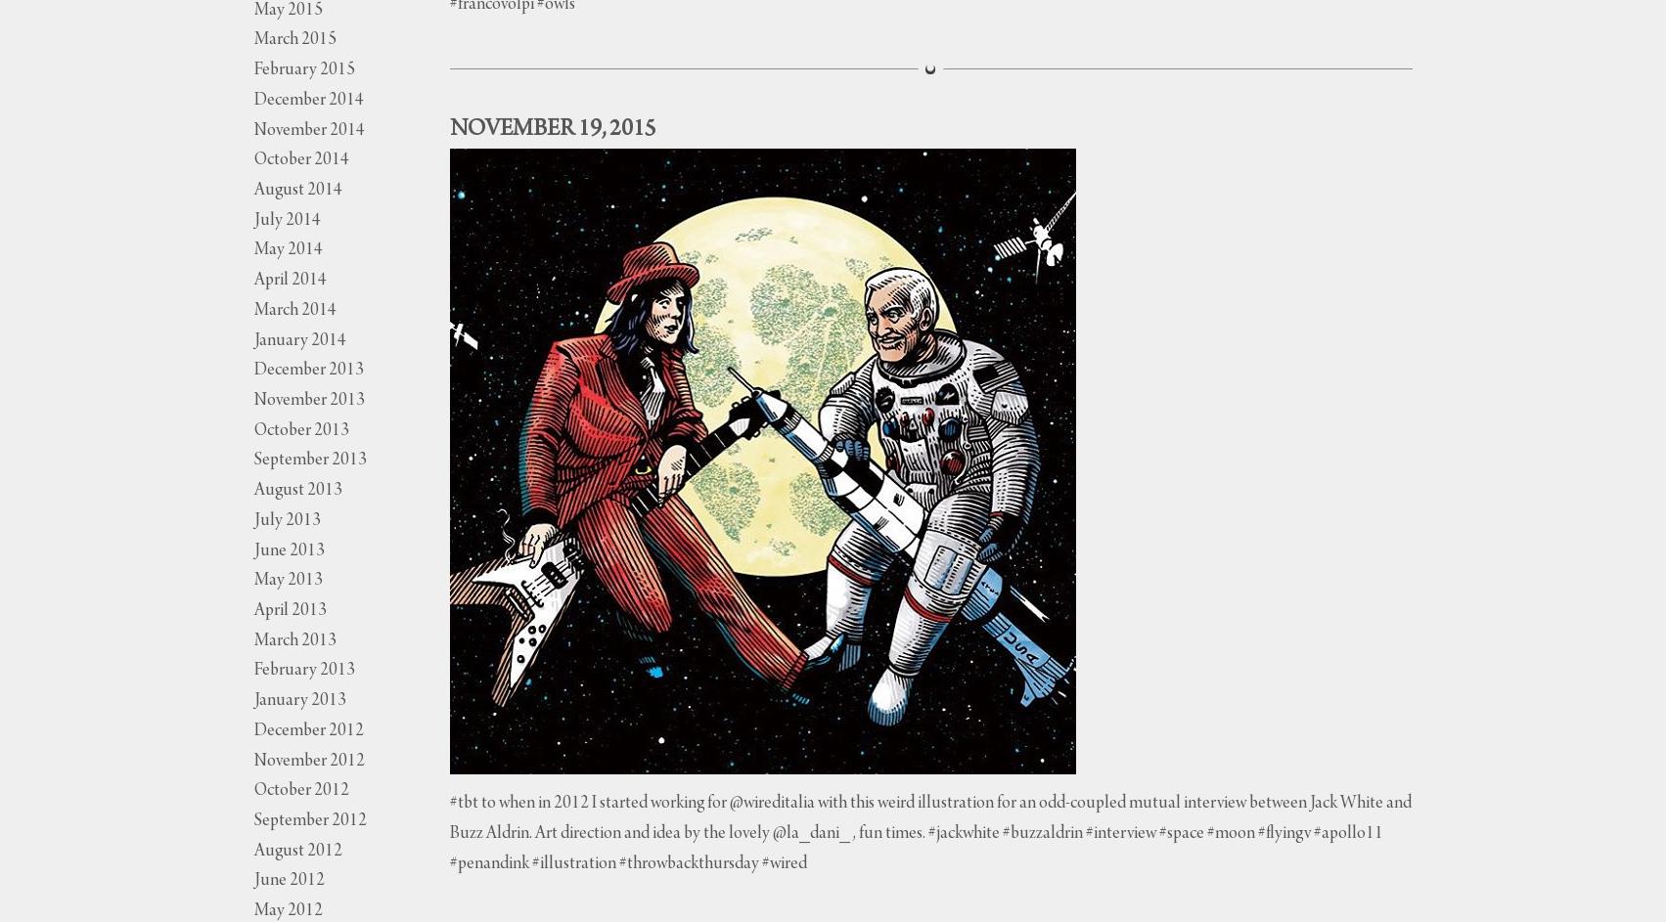 This screenshot has height=922, width=1666. What do you see at coordinates (295, 851) in the screenshot?
I see `'August 2012'` at bounding box center [295, 851].